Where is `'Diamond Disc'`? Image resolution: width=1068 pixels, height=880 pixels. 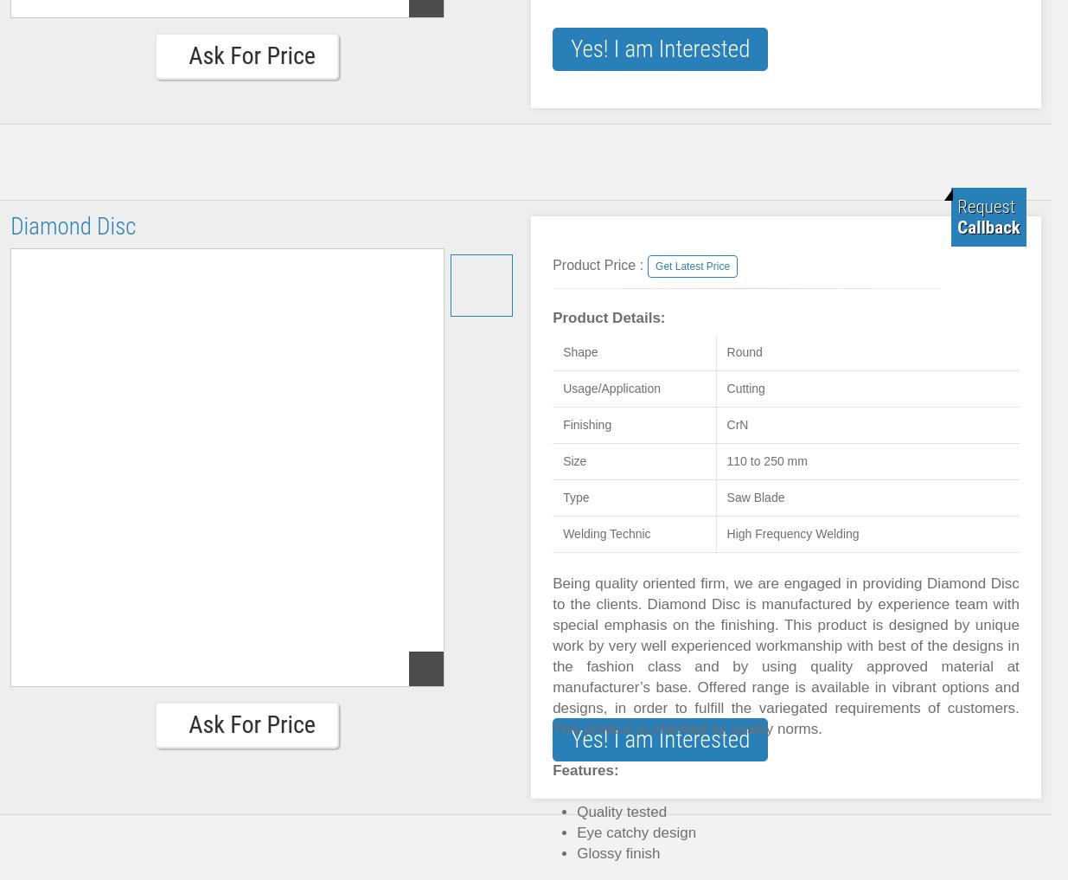 'Diamond Disc' is located at coordinates (72, 225).